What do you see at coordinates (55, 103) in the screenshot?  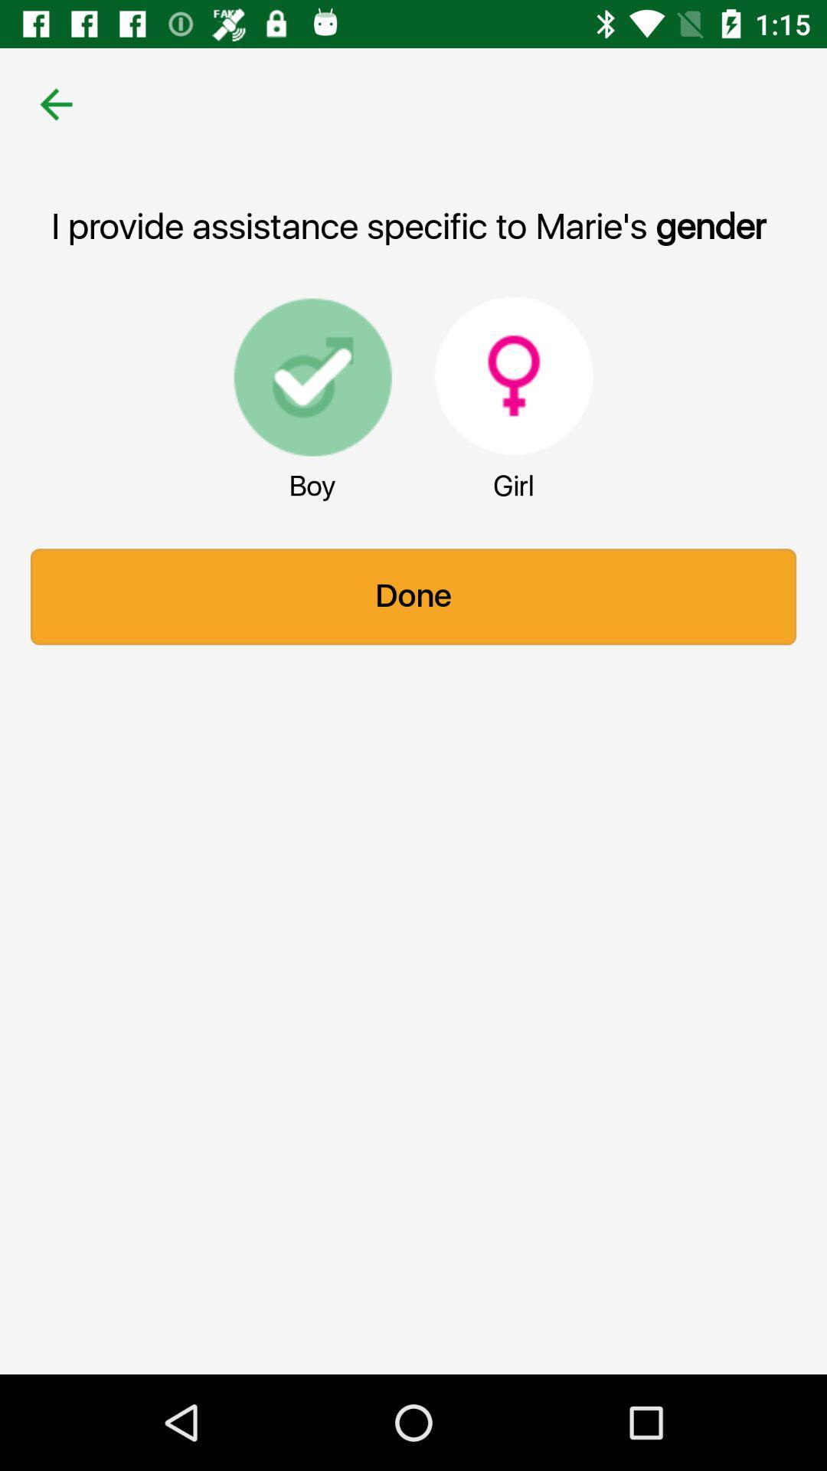 I see `the item at the top left corner` at bounding box center [55, 103].